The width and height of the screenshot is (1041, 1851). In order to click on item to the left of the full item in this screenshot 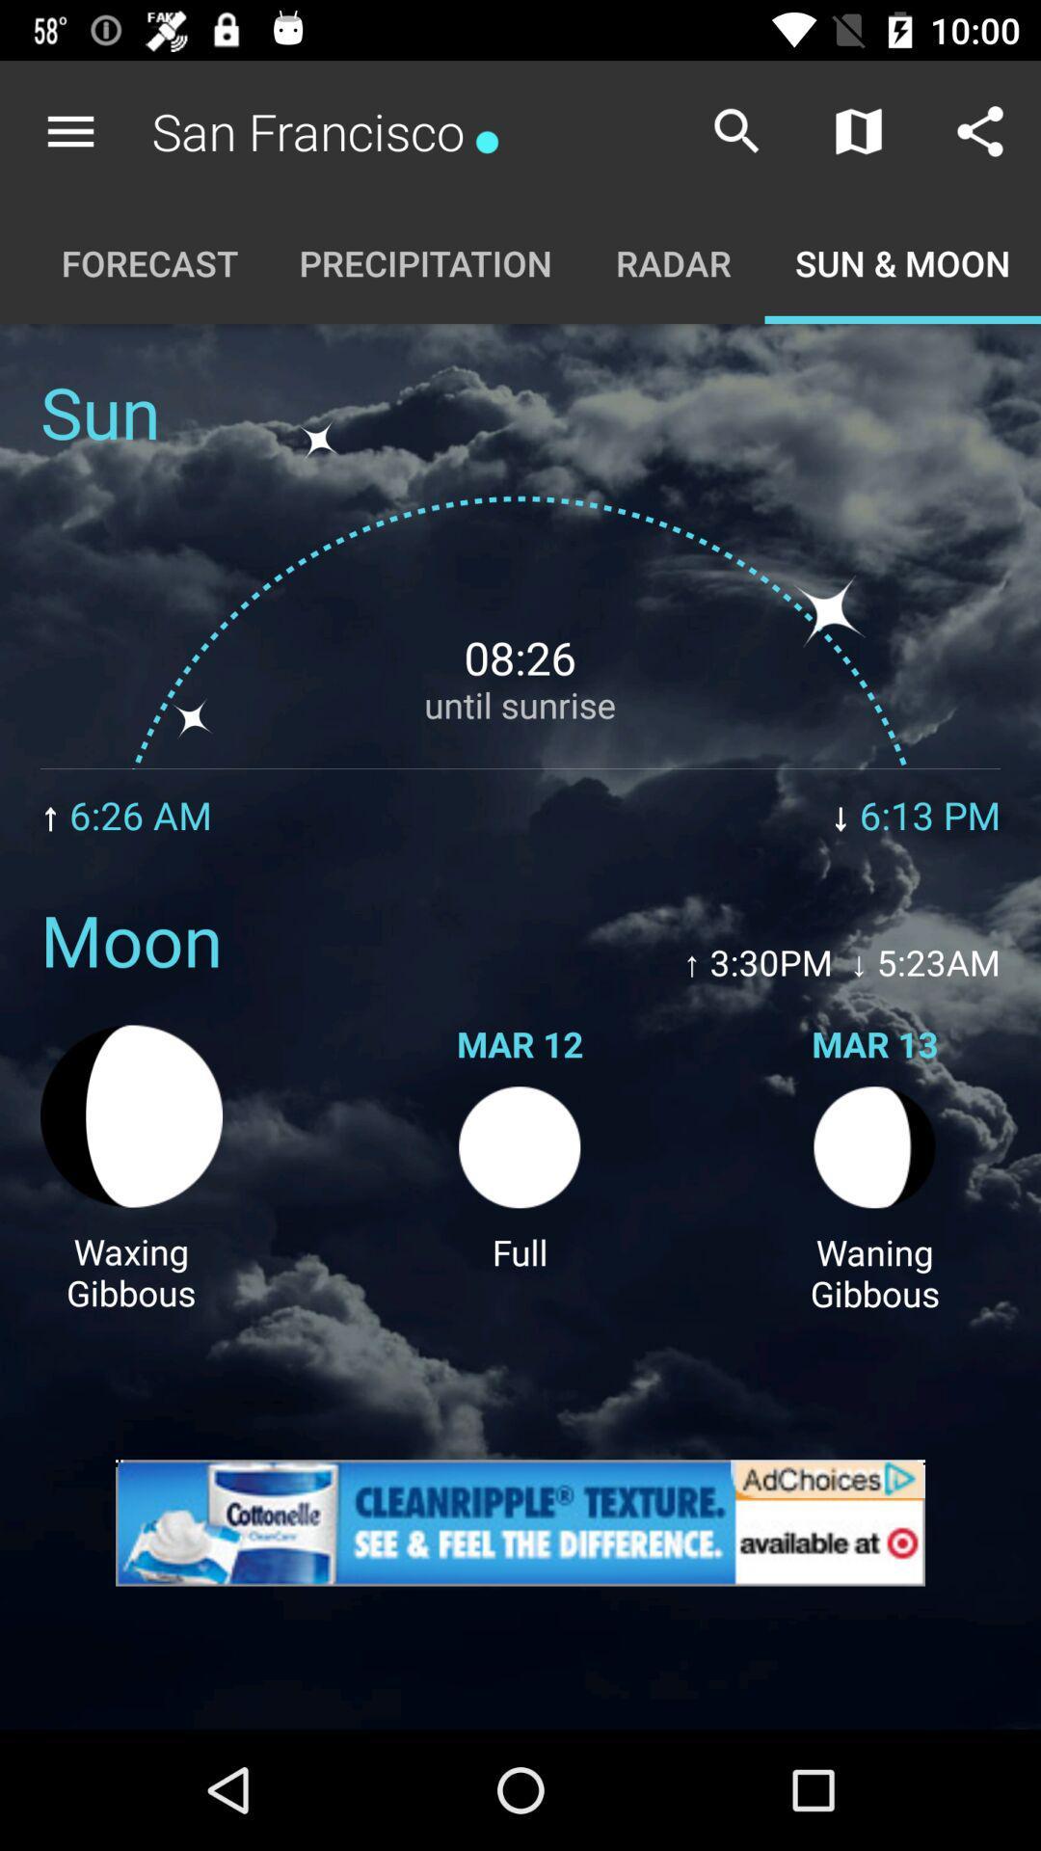, I will do `click(130, 1272)`.